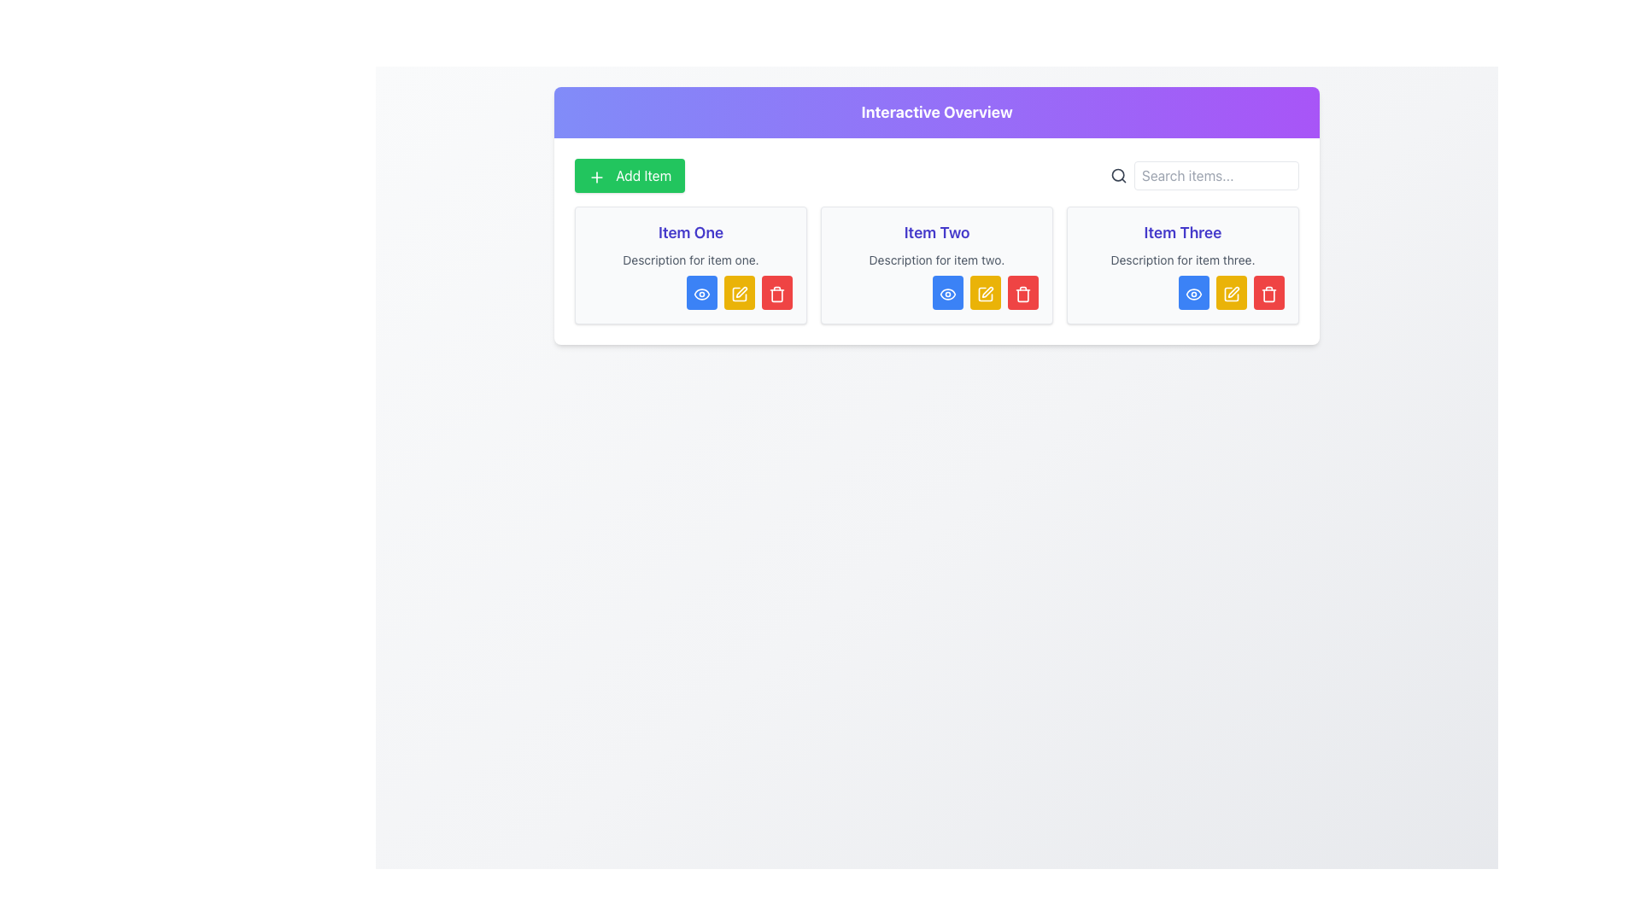 The height and width of the screenshot is (922, 1640). What do you see at coordinates (691, 260) in the screenshot?
I see `the Text Display element that provides information about 'Item One', located within the first card under the 'Interactive Overview' section` at bounding box center [691, 260].